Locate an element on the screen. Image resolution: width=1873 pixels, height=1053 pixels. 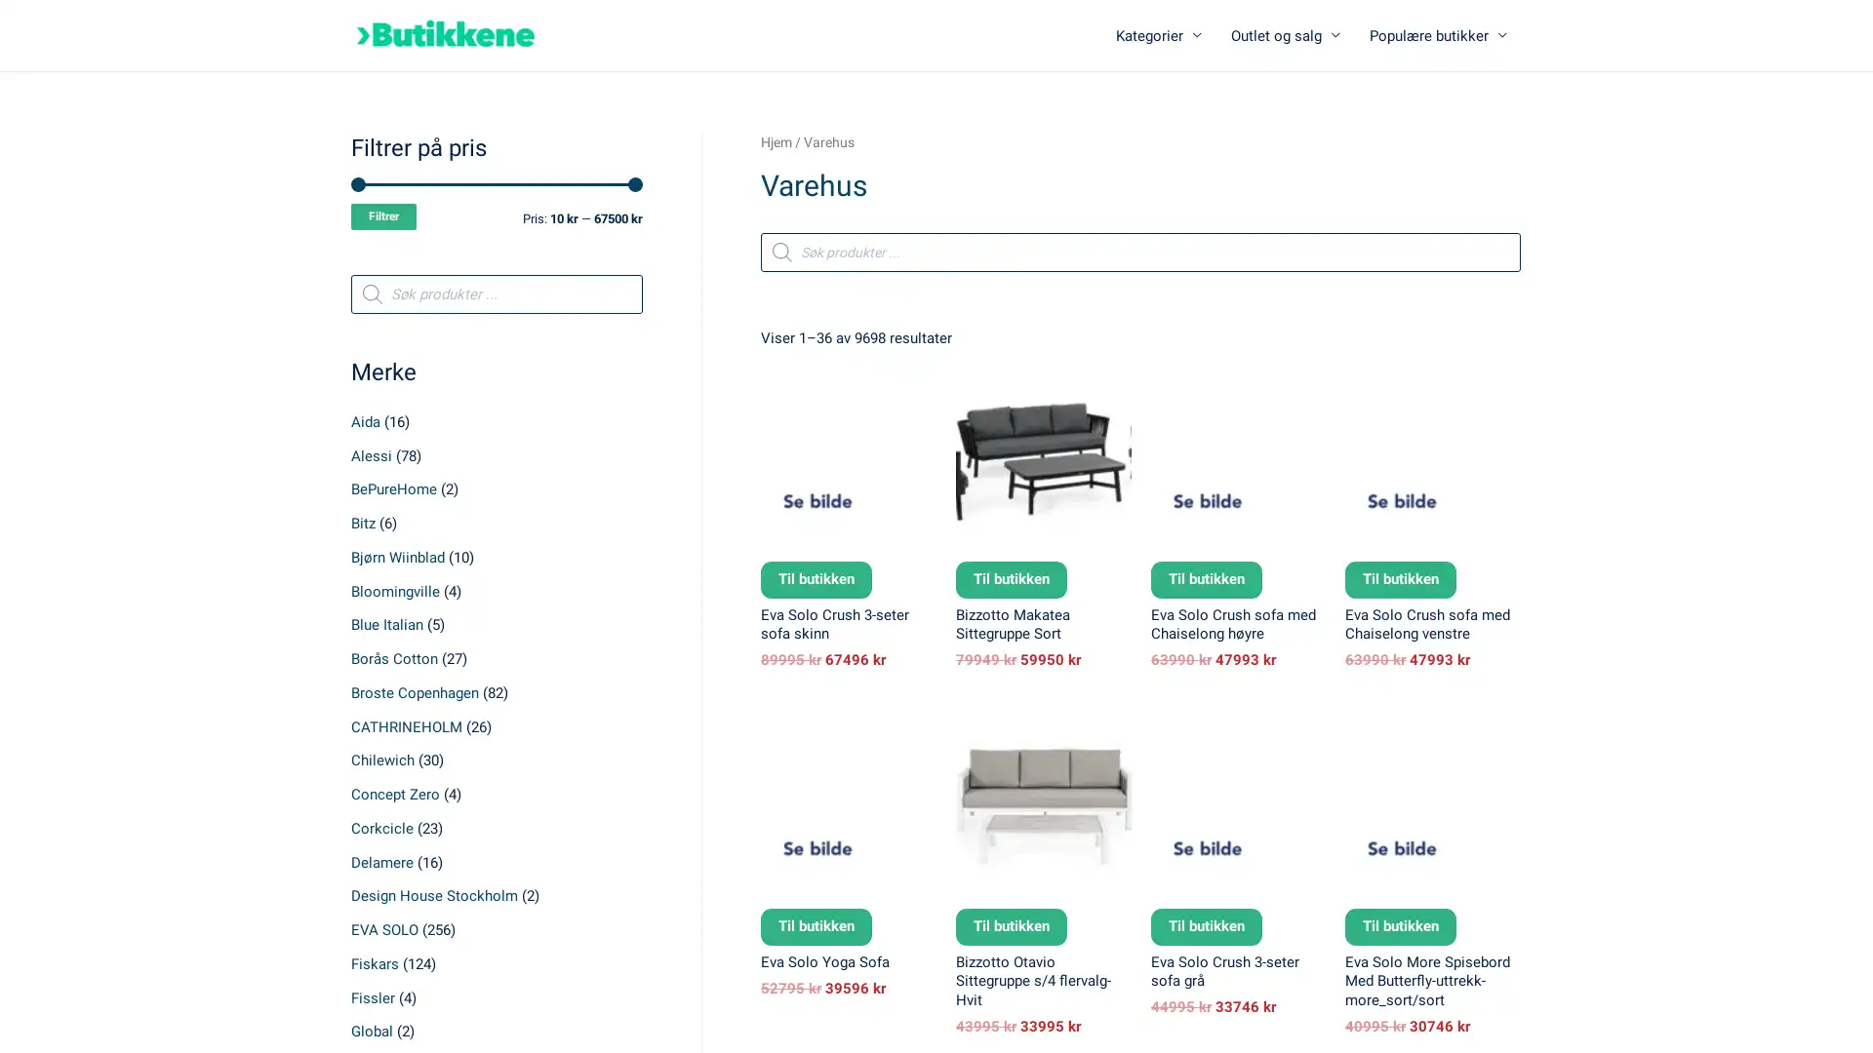
Filtrer is located at coordinates (383, 216).